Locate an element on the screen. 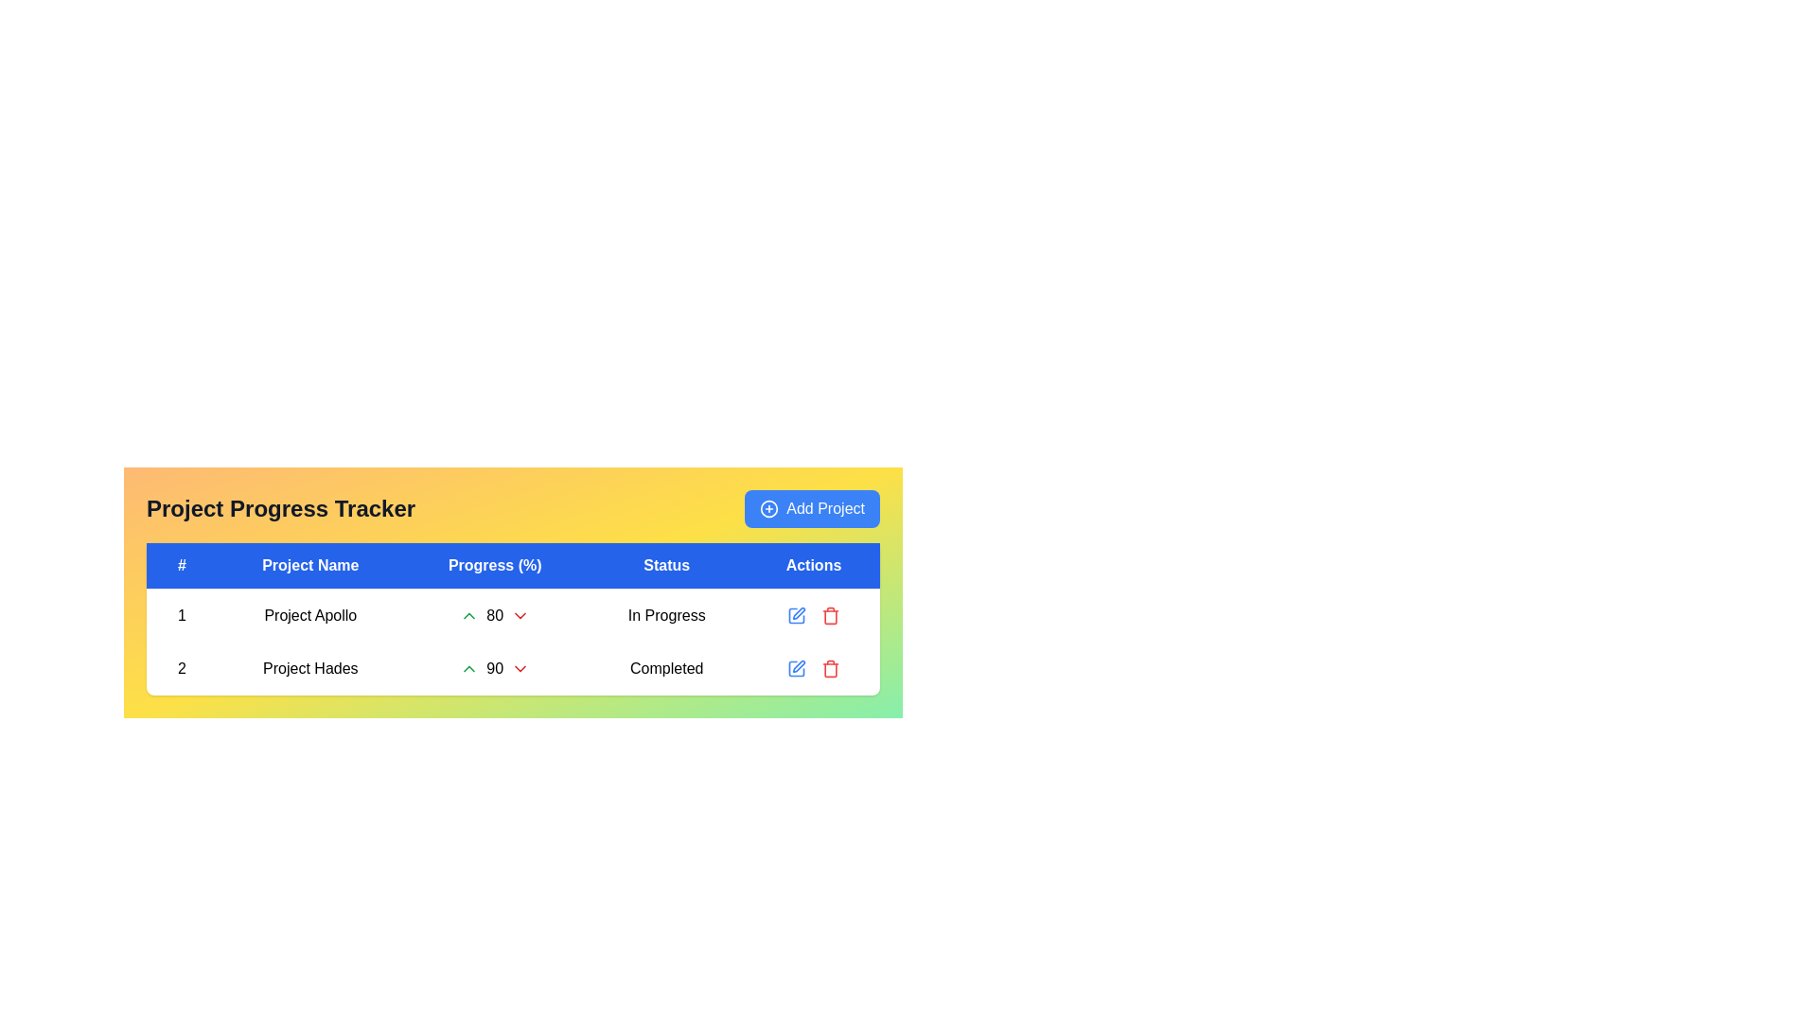 The width and height of the screenshot is (1817, 1022). the 'In Progress' text label in the 'Status' column of the 'Project Progress Tracker' table is located at coordinates (666, 615).